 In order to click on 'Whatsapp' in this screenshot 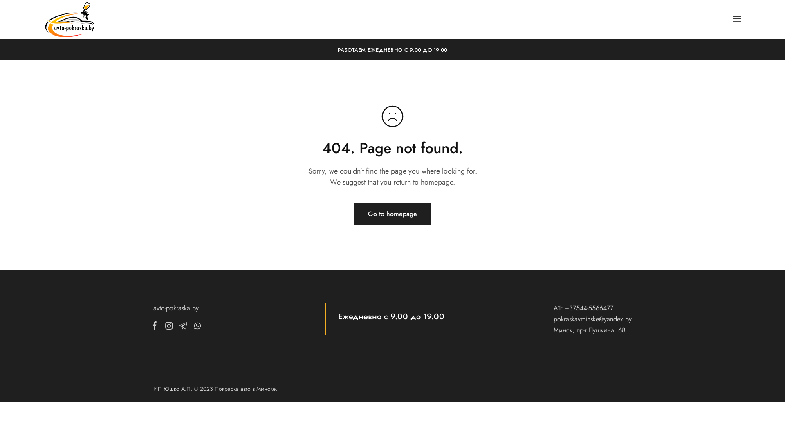, I will do `click(195, 327)`.